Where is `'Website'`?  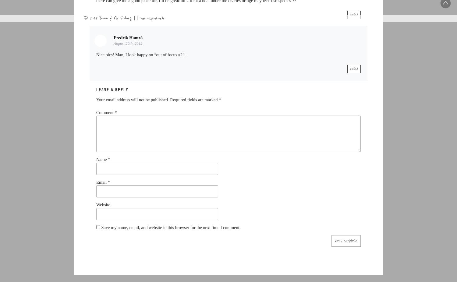
'Website' is located at coordinates (96, 204).